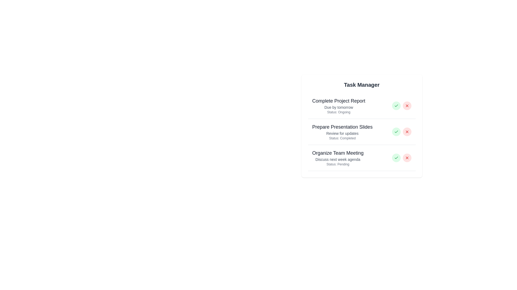 The height and width of the screenshot is (290, 517). I want to click on the task card titled 'Organize Team Meeting', so click(362, 158).